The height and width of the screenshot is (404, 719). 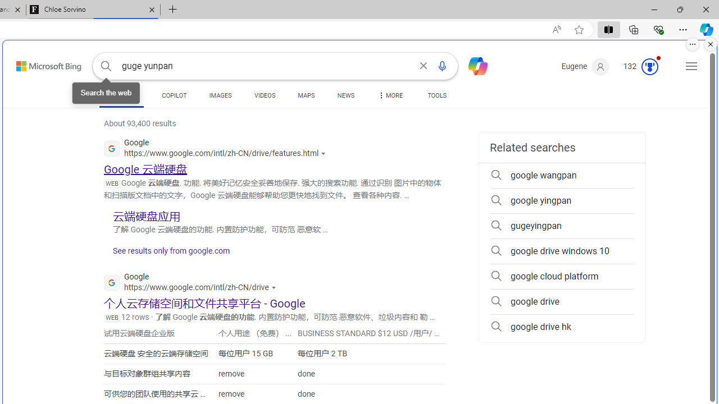 What do you see at coordinates (562, 327) in the screenshot?
I see `'google drive hk'` at bounding box center [562, 327].